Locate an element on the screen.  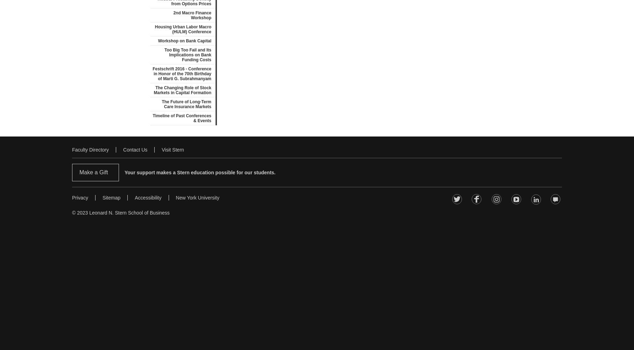
'Timeline of Past Conferences & Events' is located at coordinates (182, 118).